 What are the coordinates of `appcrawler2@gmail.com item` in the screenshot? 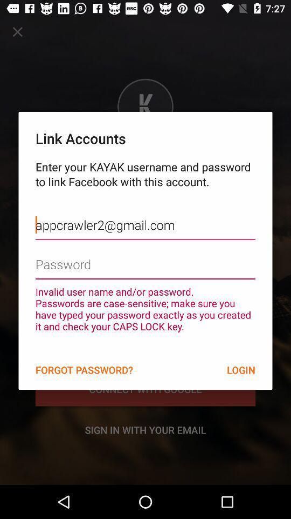 It's located at (145, 216).